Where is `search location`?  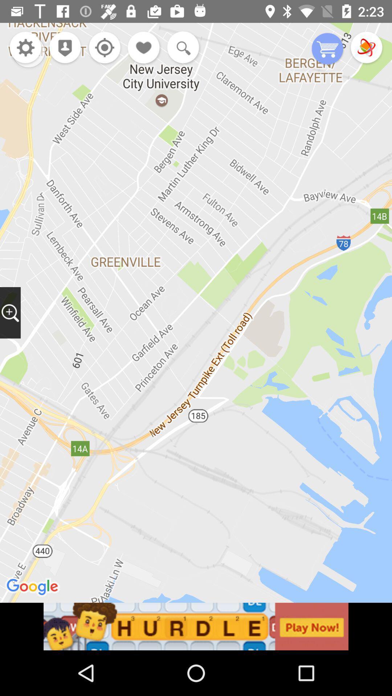
search location is located at coordinates (10, 312).